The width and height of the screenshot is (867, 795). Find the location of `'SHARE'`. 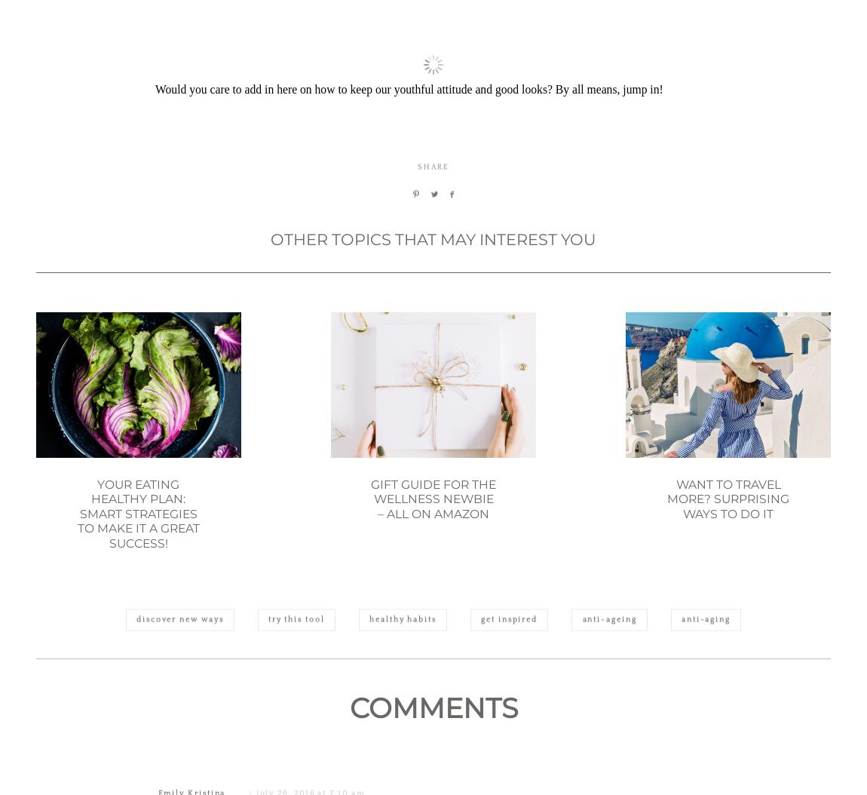

'SHARE' is located at coordinates (417, 239).